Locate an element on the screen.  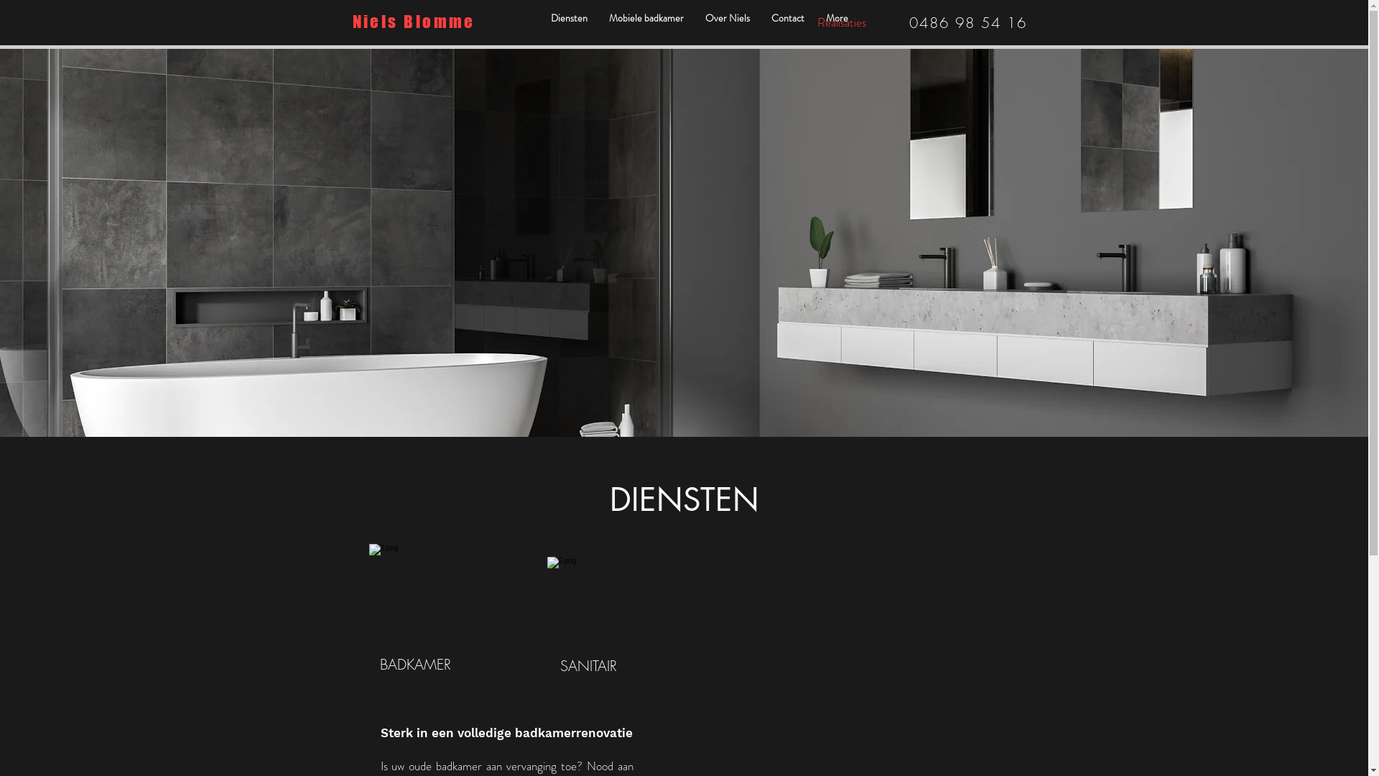
'Realisaties' is located at coordinates (841, 22).